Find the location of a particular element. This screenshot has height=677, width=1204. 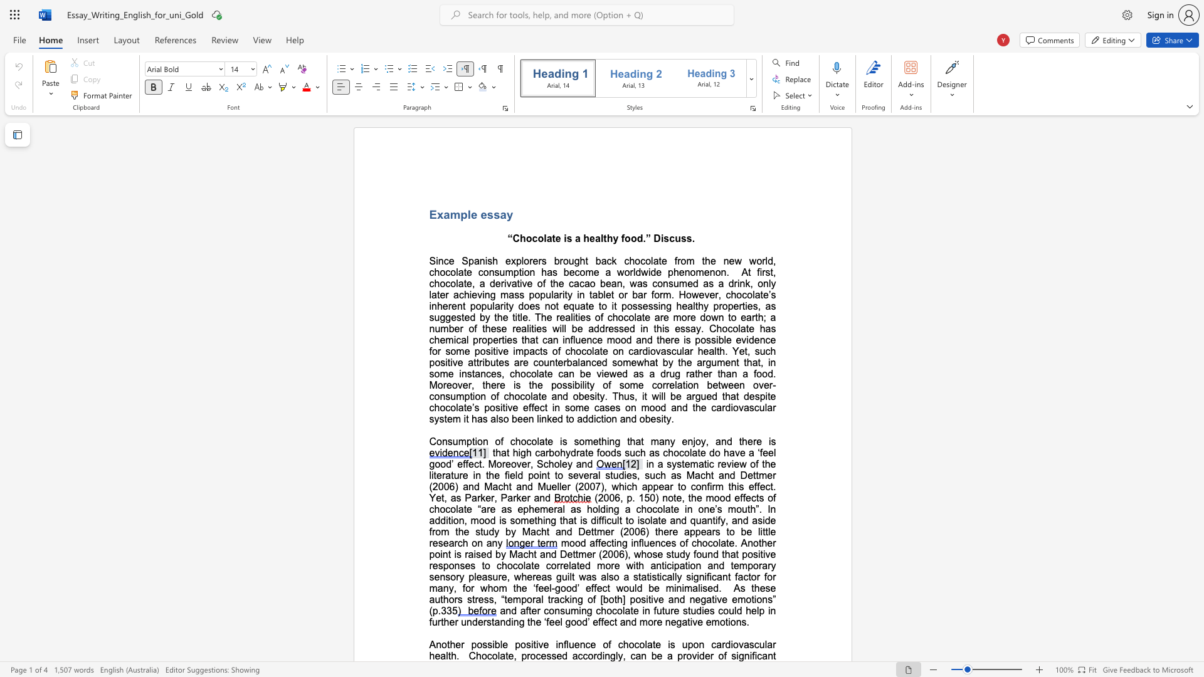

the subset text "e evidence" within the text "possible evidence" is located at coordinates (726, 340).